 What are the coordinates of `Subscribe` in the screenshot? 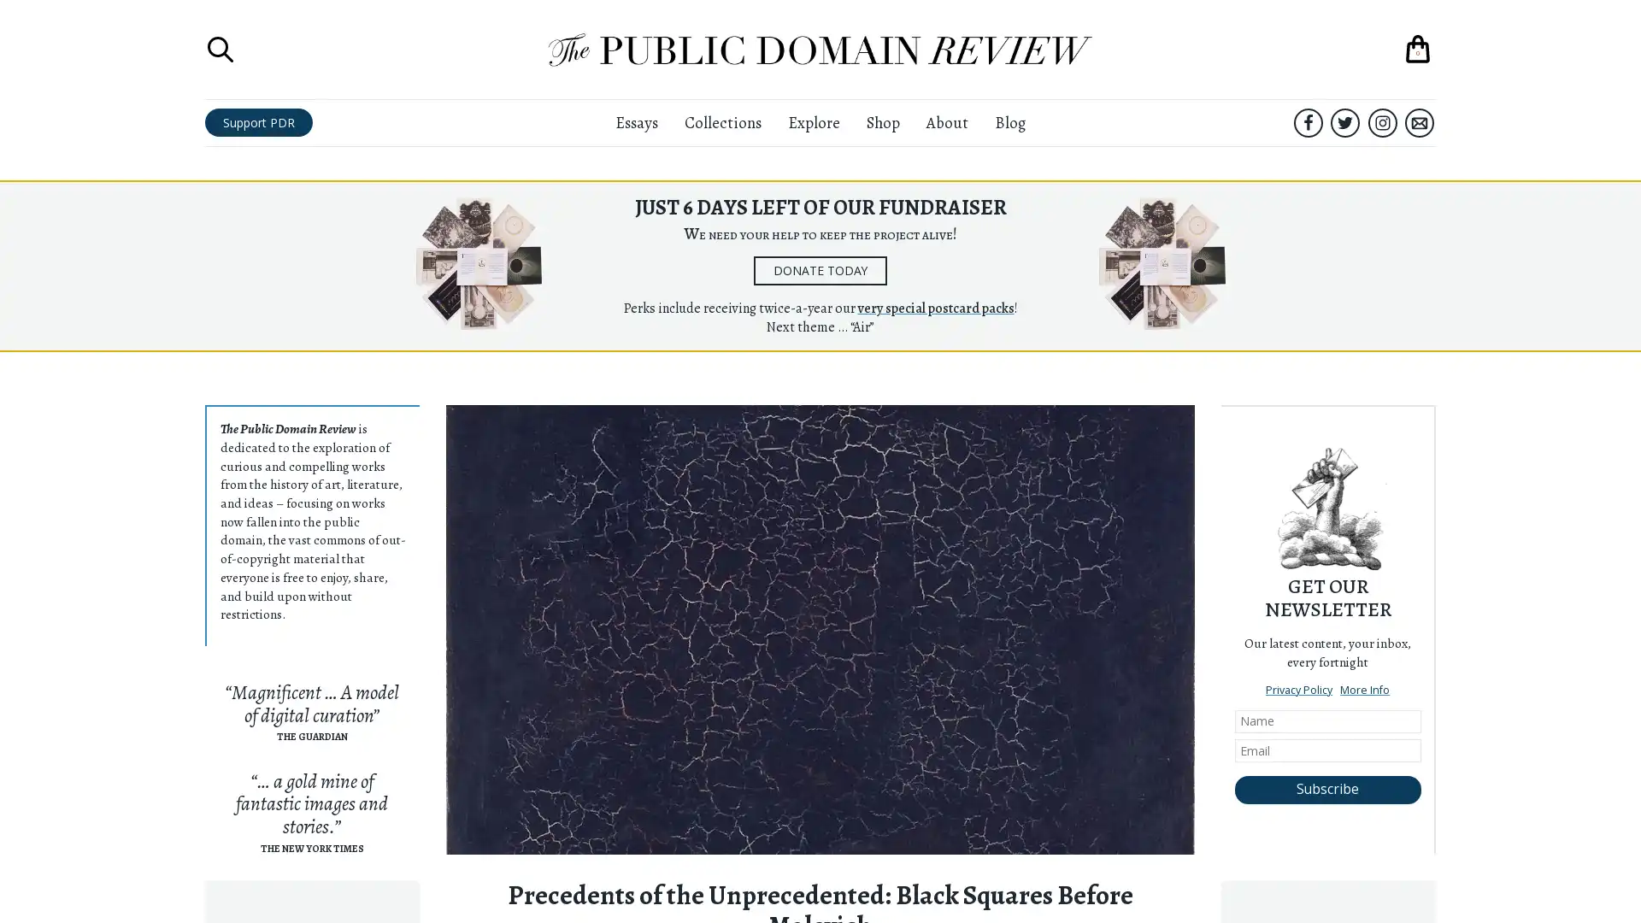 It's located at (1326, 790).